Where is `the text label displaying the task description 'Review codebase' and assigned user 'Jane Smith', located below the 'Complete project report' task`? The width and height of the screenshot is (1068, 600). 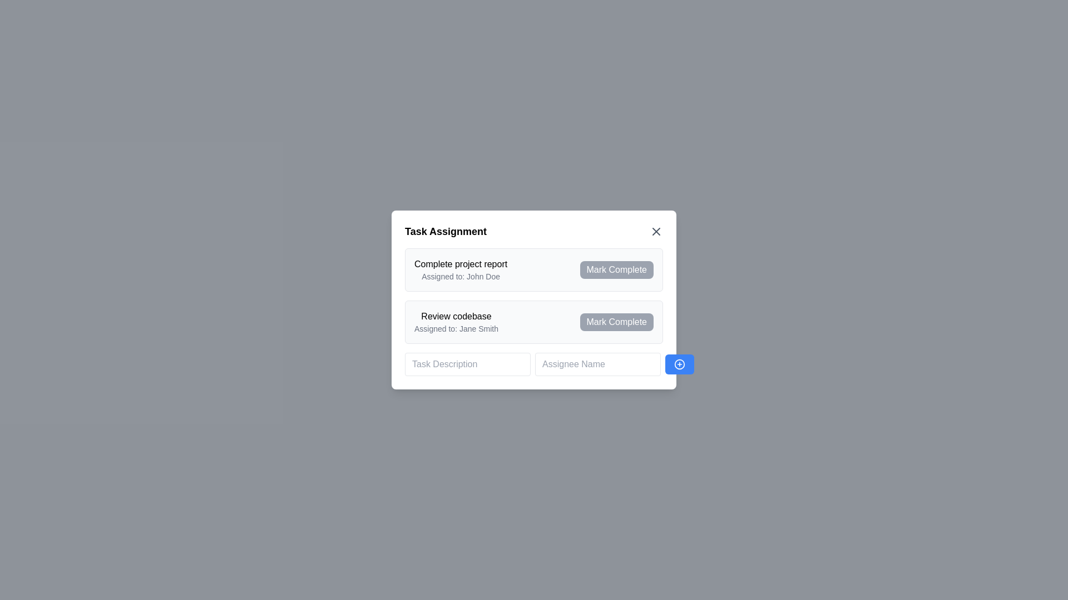
the text label displaying the task description 'Review codebase' and assigned user 'Jane Smith', located below the 'Complete project report' task is located at coordinates (456, 322).